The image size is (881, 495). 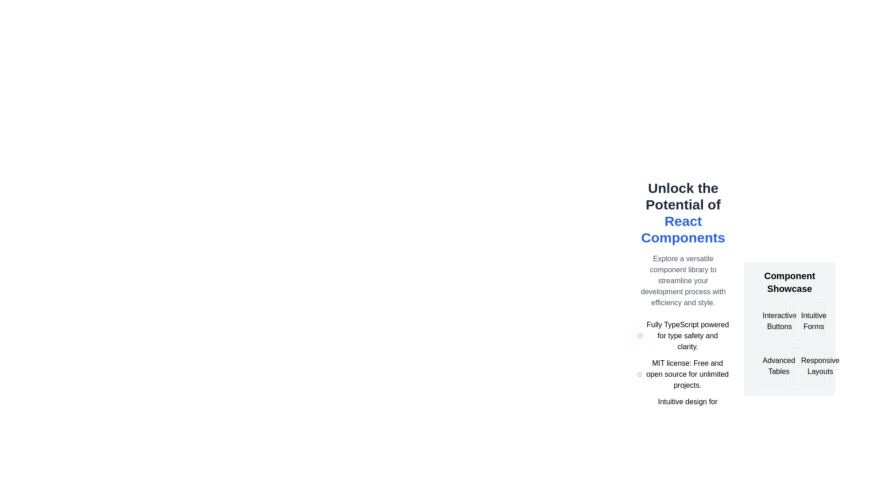 What do you see at coordinates (770, 365) in the screenshot?
I see `the 'Advanced Tables' card located in the 'Component Showcase' section` at bounding box center [770, 365].